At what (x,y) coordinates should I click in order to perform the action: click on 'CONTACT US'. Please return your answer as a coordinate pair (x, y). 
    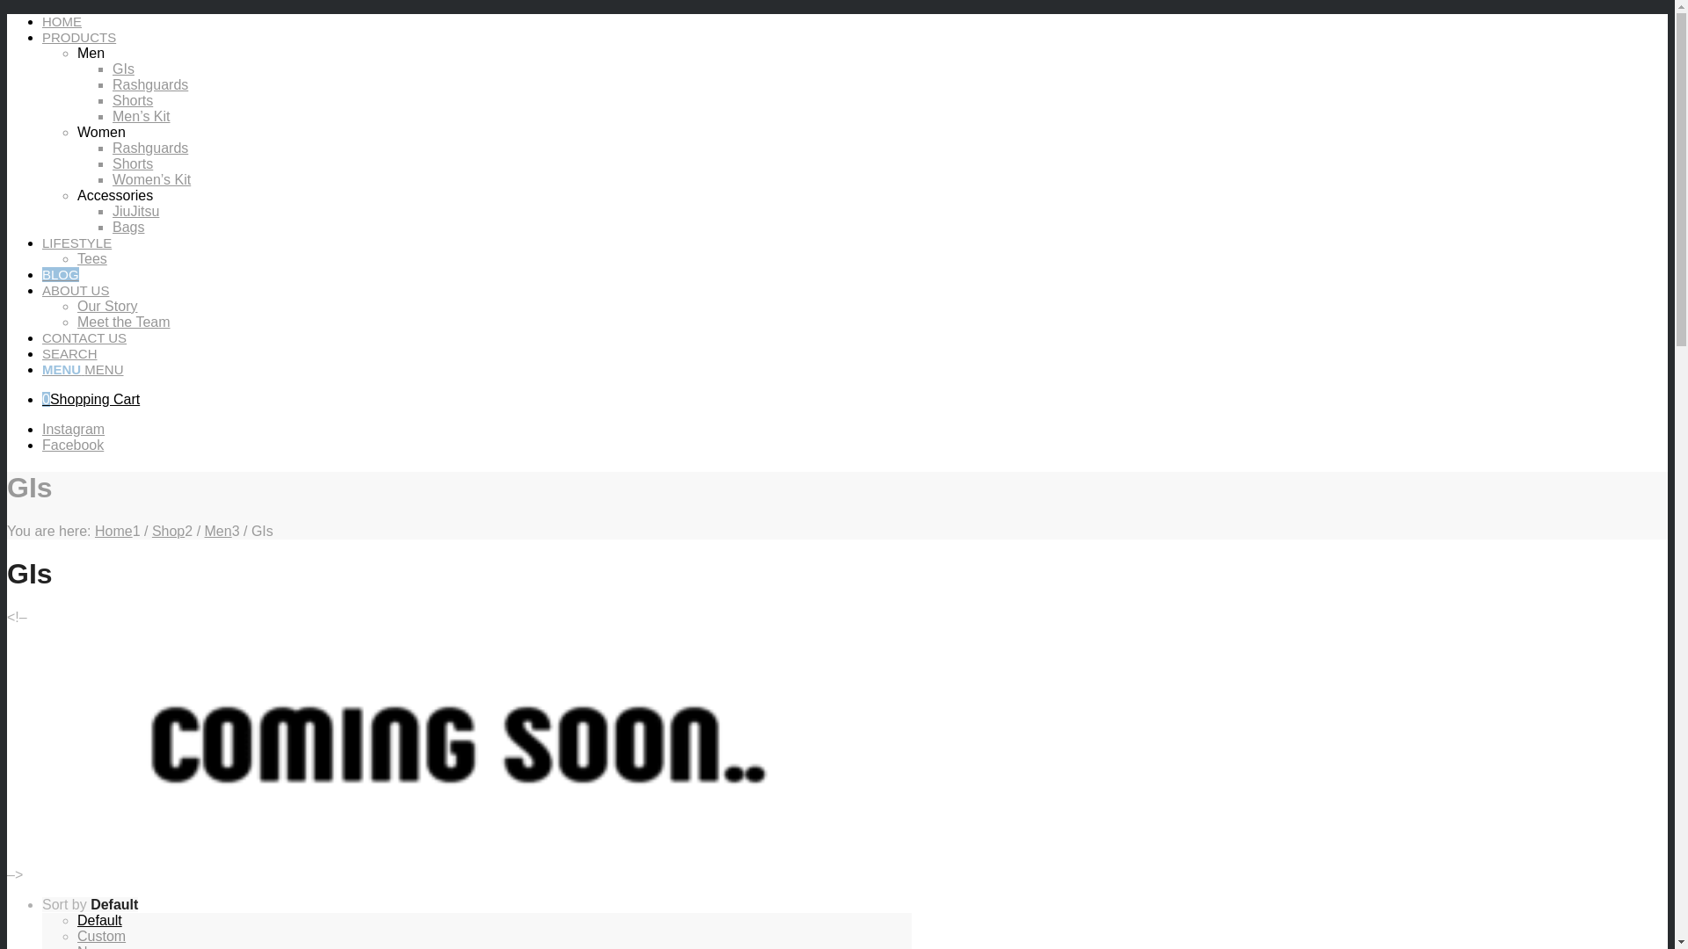
    Looking at the image, I should click on (42, 337).